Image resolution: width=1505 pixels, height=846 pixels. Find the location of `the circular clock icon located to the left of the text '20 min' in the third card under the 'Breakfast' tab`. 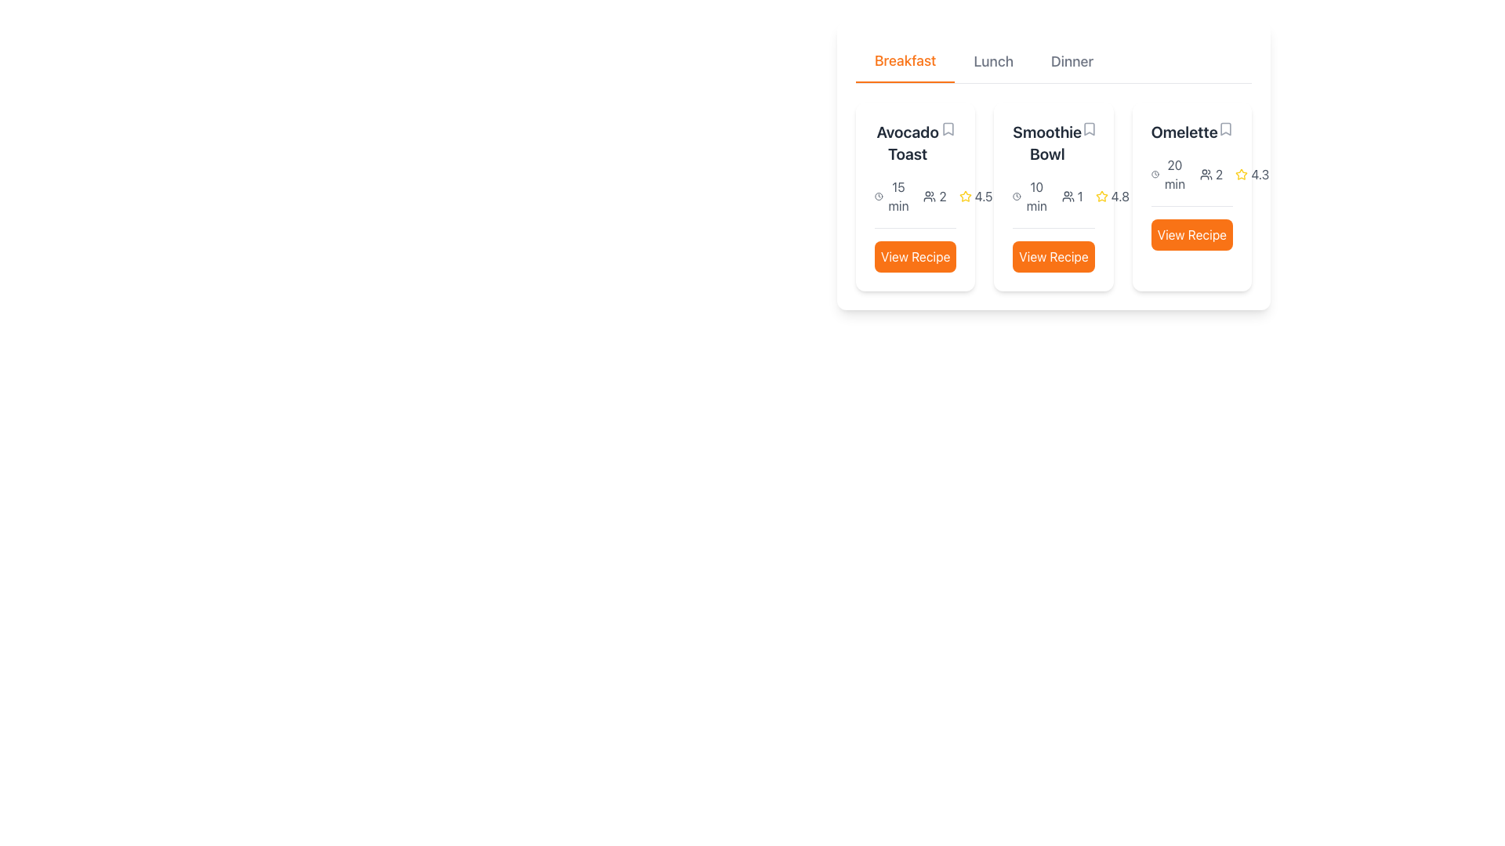

the circular clock icon located to the left of the text '20 min' in the third card under the 'Breakfast' tab is located at coordinates (1155, 175).